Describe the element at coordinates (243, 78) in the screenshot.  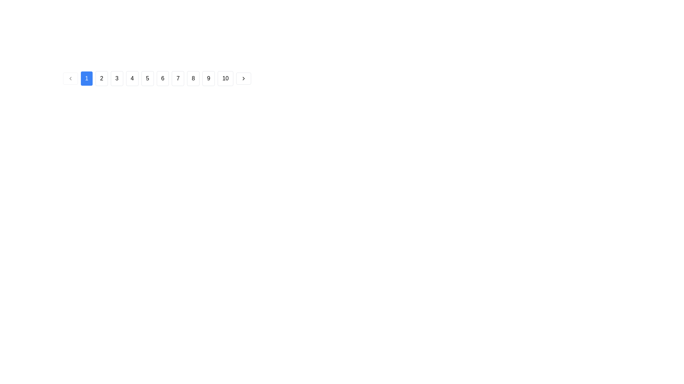
I see `the chevron-shaped icon pointing to the right, located in the last button of the pagination section` at that location.